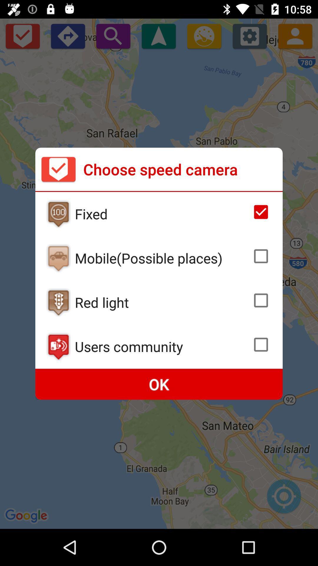  Describe the element at coordinates (261, 300) in the screenshot. I see `check box` at that location.